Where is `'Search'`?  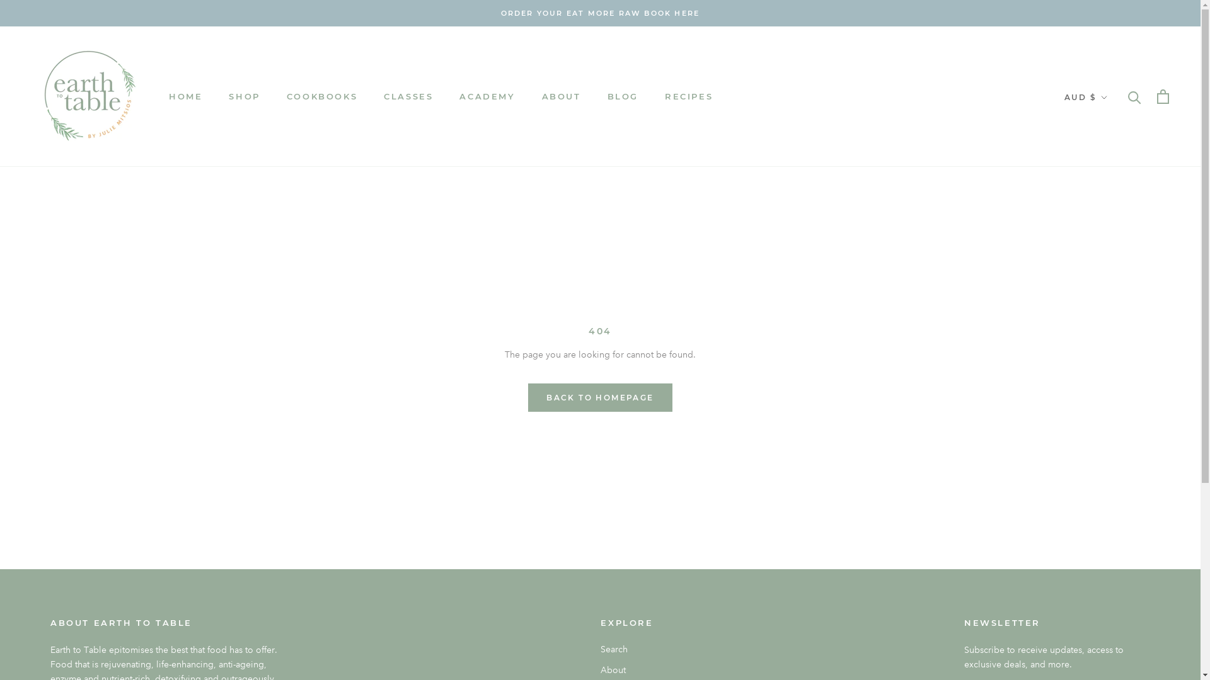 'Search' is located at coordinates (600, 649).